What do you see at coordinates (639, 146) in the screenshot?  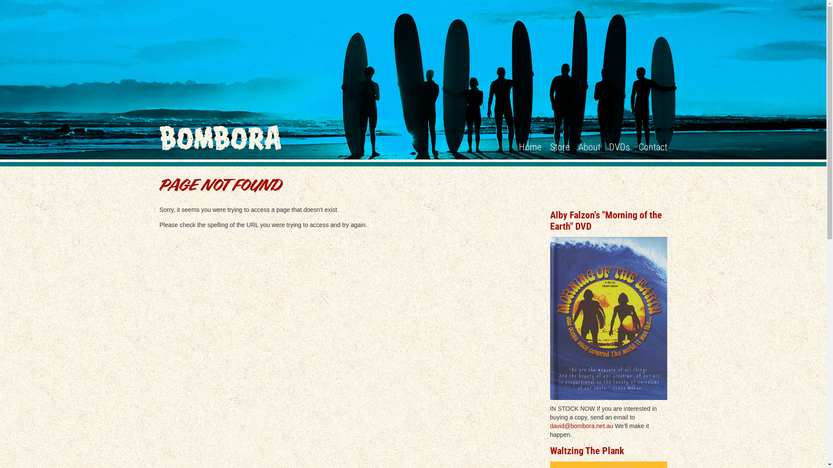 I see `'Contact'` at bounding box center [639, 146].